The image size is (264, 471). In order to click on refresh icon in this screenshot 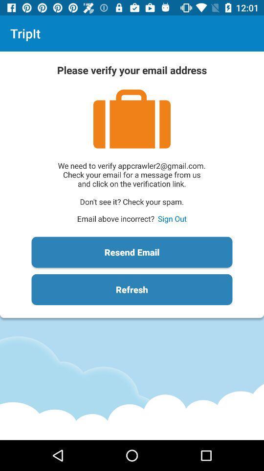, I will do `click(132, 289)`.